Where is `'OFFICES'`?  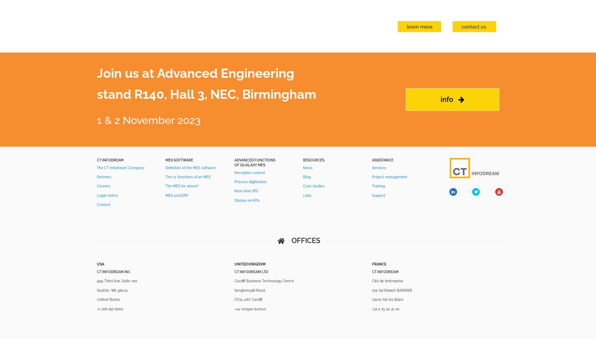 'OFFICES' is located at coordinates (291, 240).